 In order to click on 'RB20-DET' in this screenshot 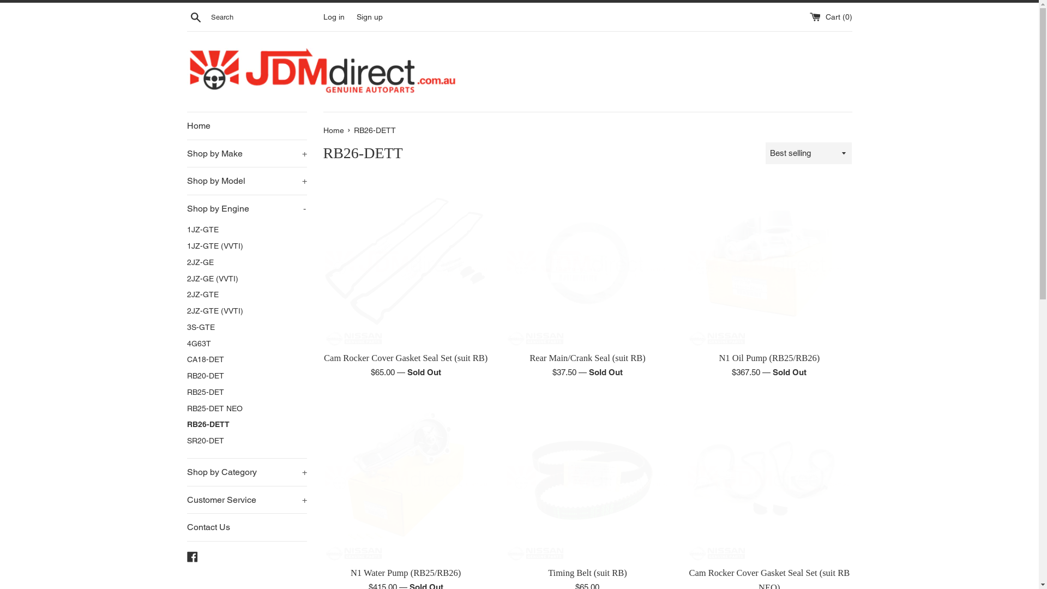, I will do `click(245, 376)`.